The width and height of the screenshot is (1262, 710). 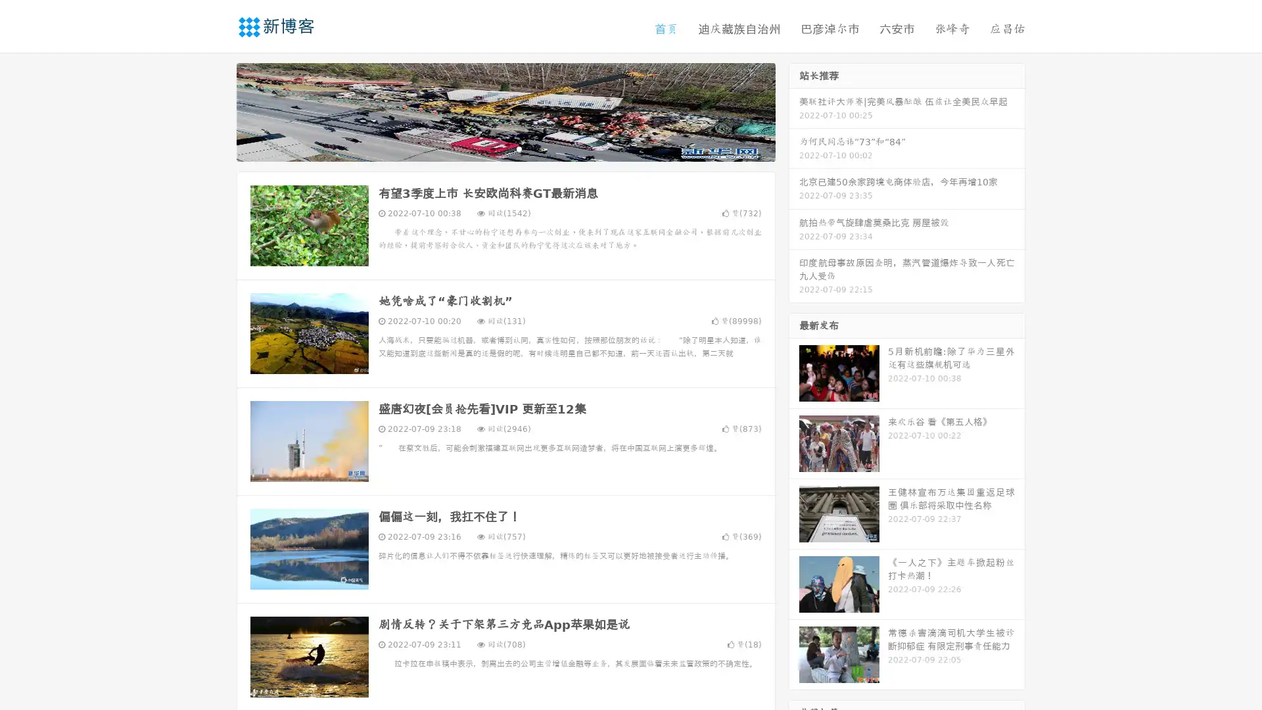 What do you see at coordinates (794, 110) in the screenshot?
I see `Next slide` at bounding box center [794, 110].